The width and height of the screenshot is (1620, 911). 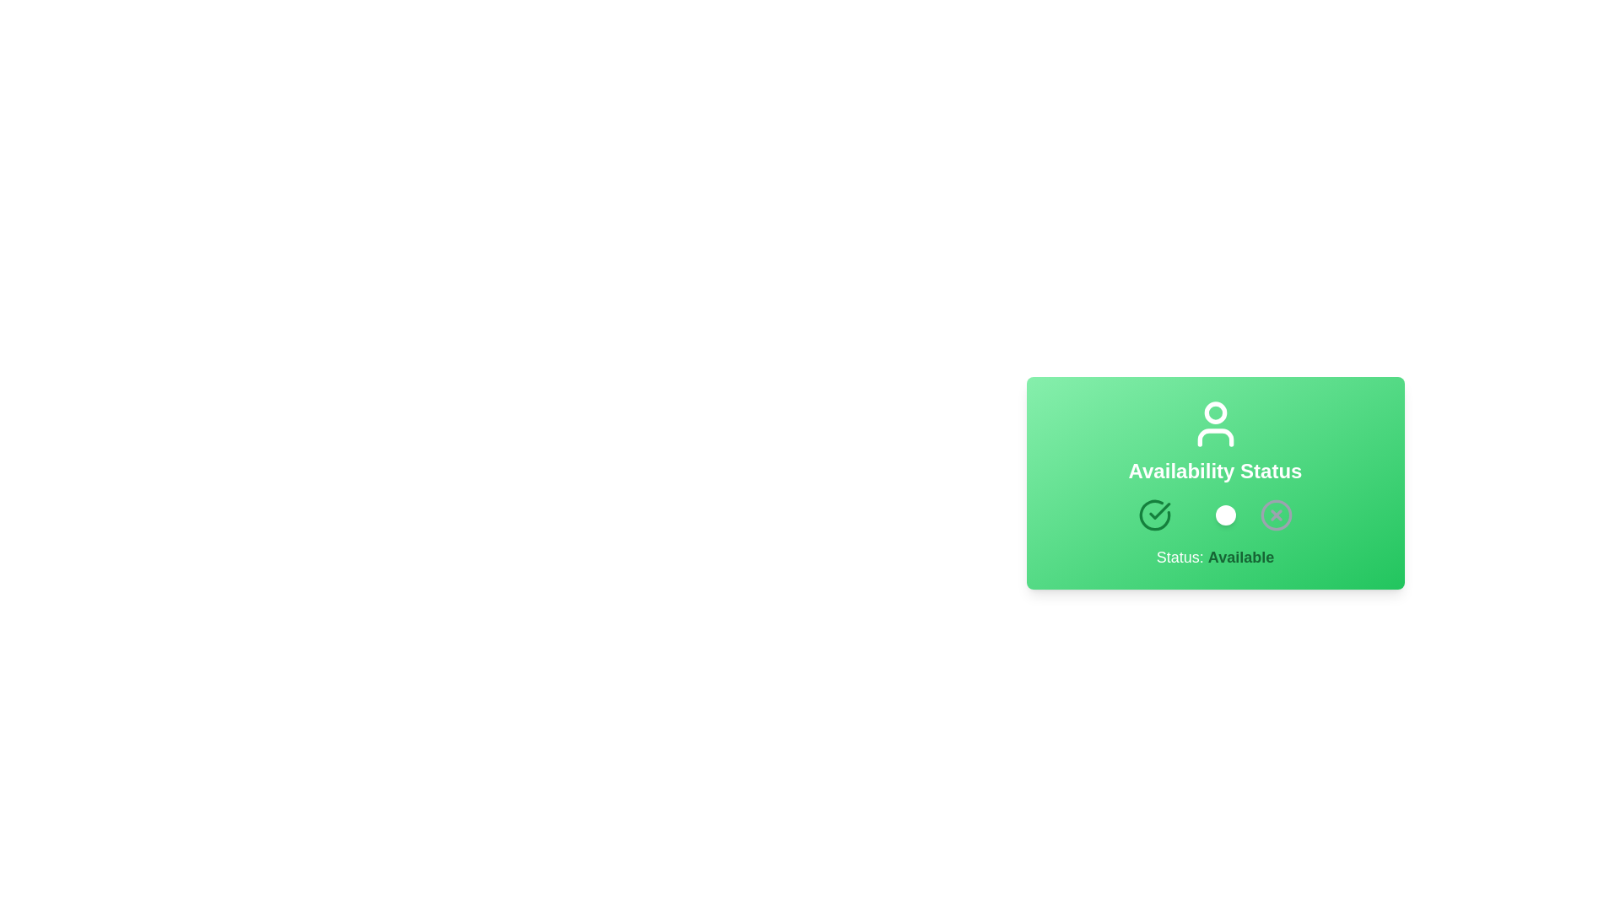 What do you see at coordinates (1225, 514) in the screenshot?
I see `the small circular toggle switch indicator with a white background` at bounding box center [1225, 514].